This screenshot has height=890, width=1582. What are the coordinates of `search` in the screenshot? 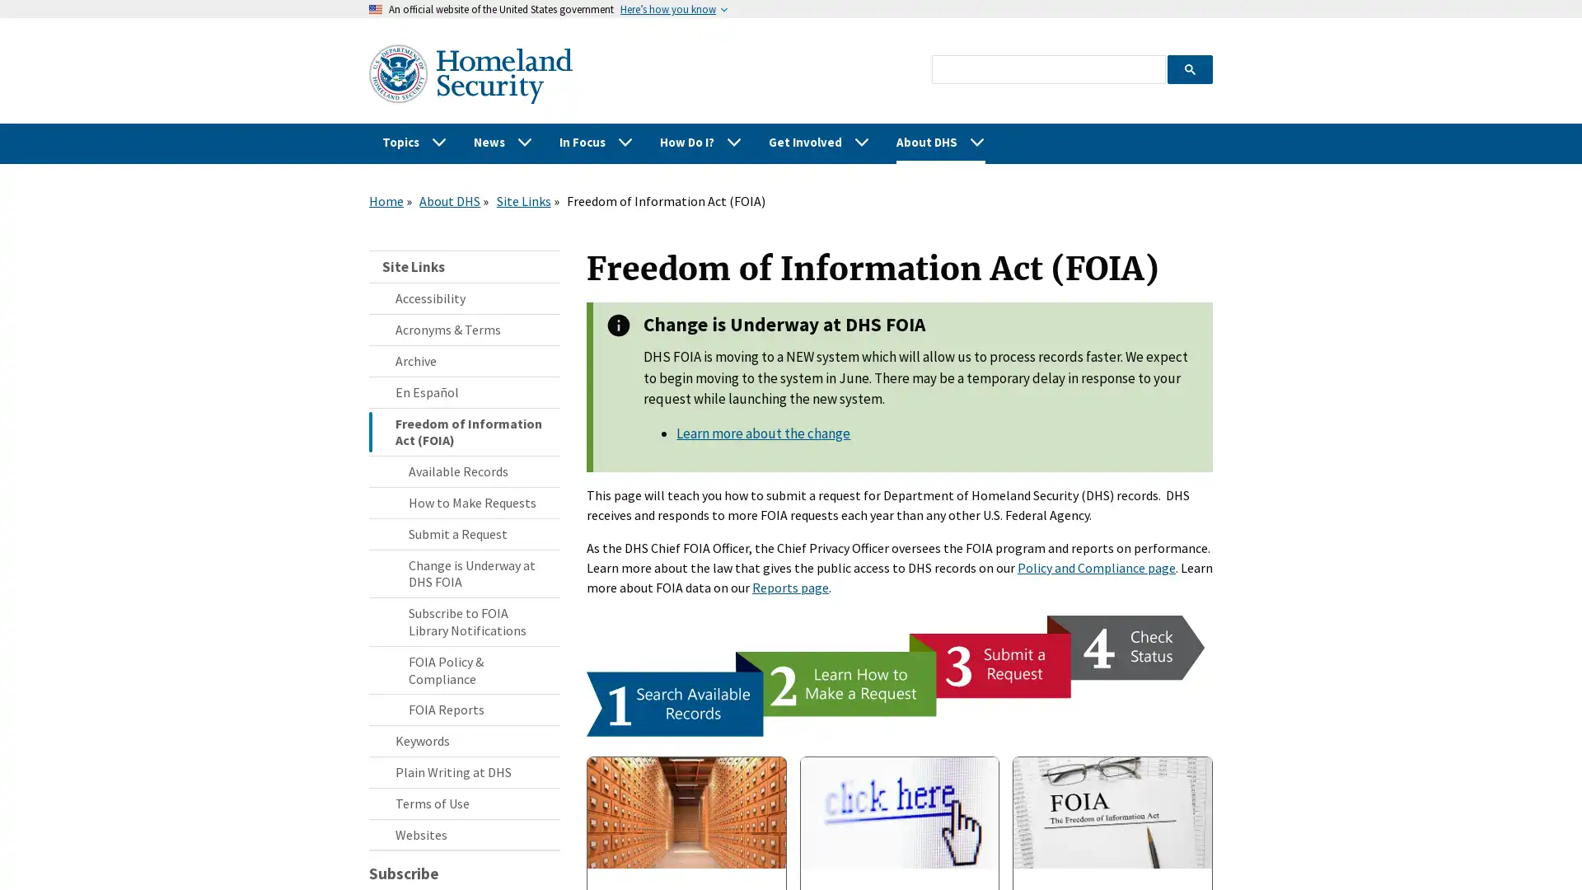 It's located at (1189, 68).